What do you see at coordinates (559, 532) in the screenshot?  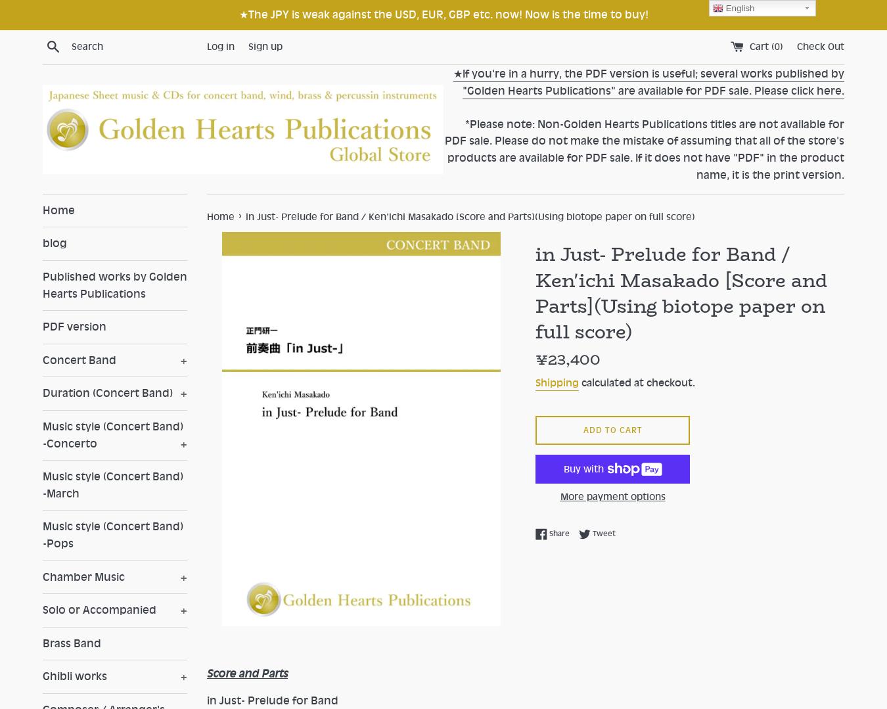 I see `'Share'` at bounding box center [559, 532].